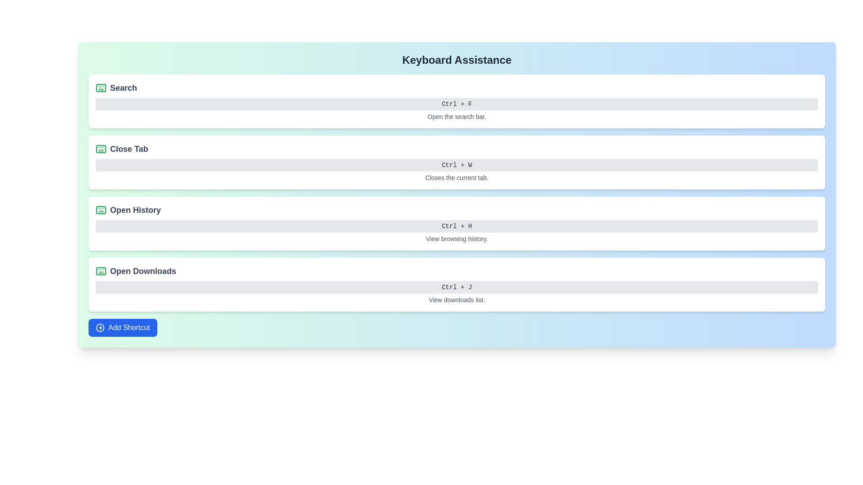  What do you see at coordinates (101, 271) in the screenshot?
I see `the green keyboard icon located to the left of the text 'Open Downloads' in the list section of keyboard shortcuts` at bounding box center [101, 271].